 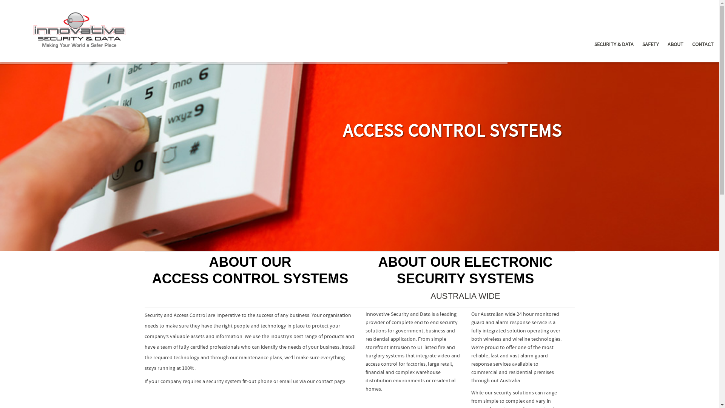 I want to click on 'CONTACT', so click(x=702, y=45).